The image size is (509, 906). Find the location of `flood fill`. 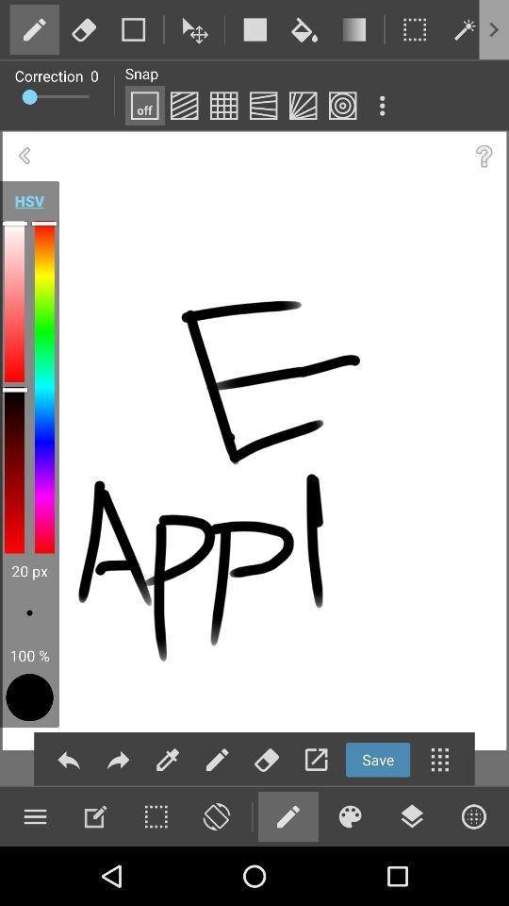

flood fill is located at coordinates (304, 28).